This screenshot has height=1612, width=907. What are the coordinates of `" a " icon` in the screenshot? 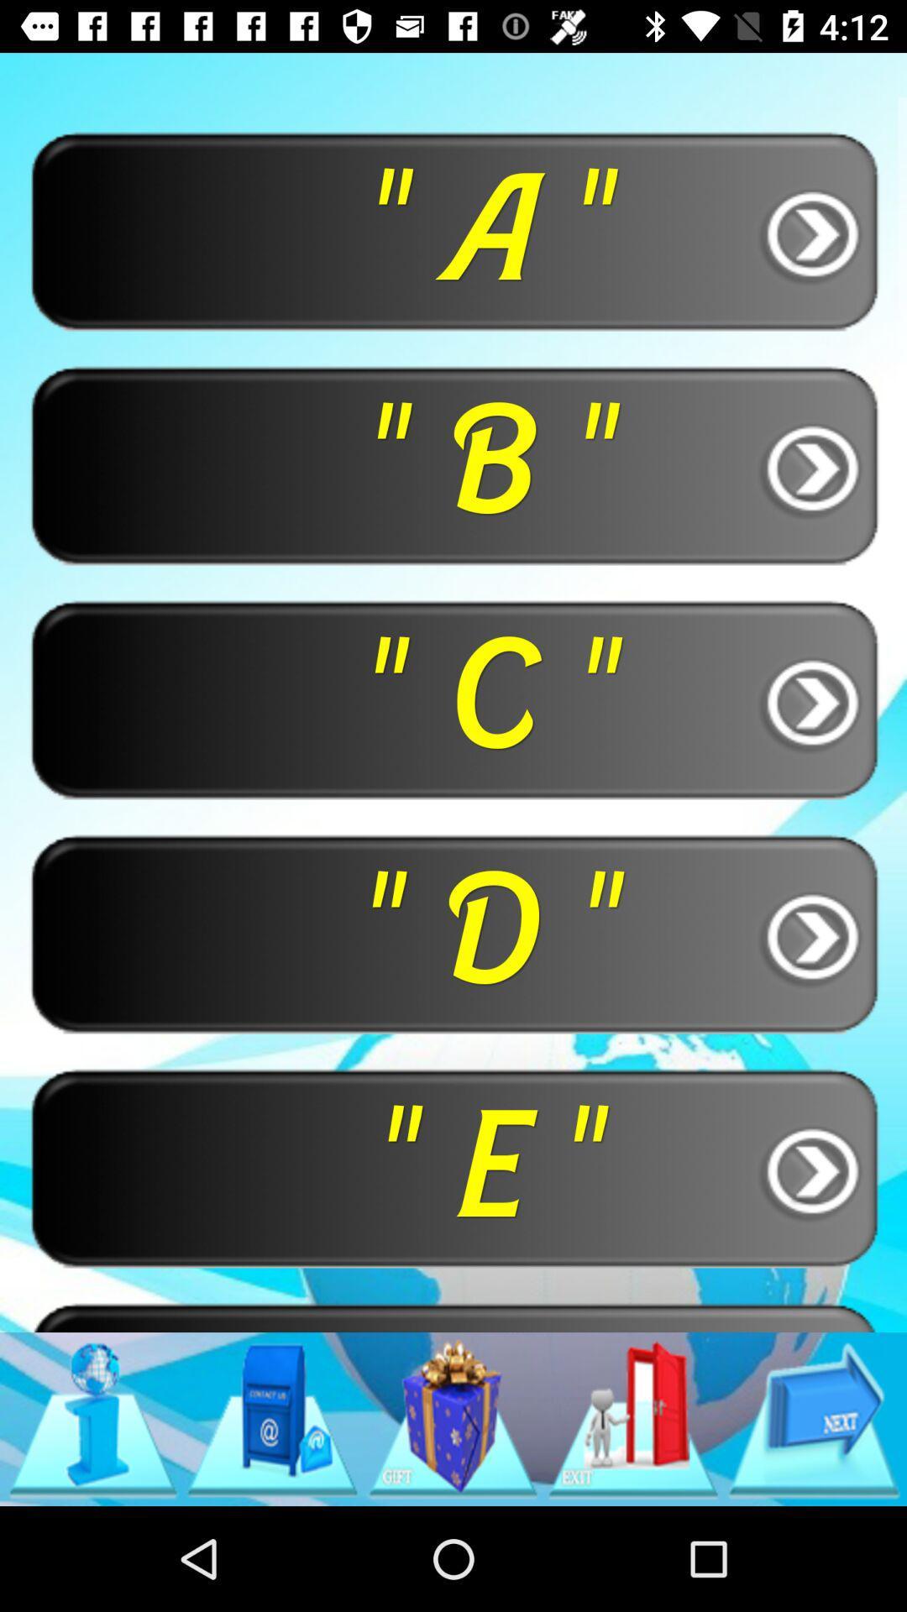 It's located at (453, 229).